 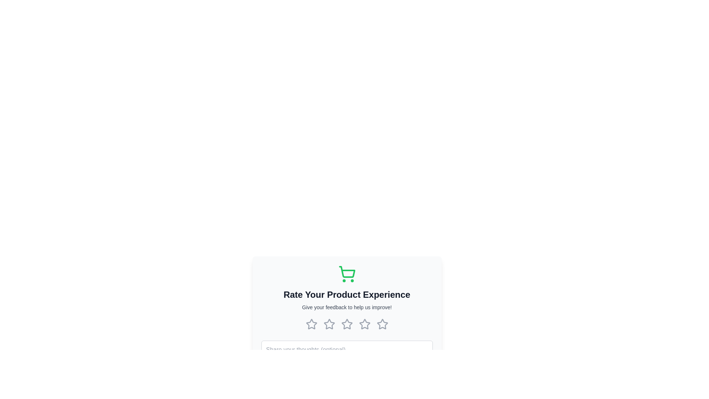 What do you see at coordinates (382, 324) in the screenshot?
I see `the fifth star icon for keyboard interaction` at bounding box center [382, 324].